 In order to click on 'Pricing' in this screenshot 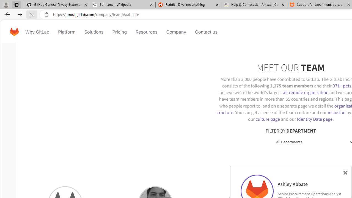, I will do `click(119, 32)`.